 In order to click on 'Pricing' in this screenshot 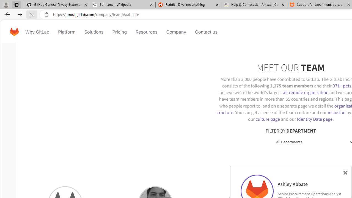, I will do `click(119, 32)`.